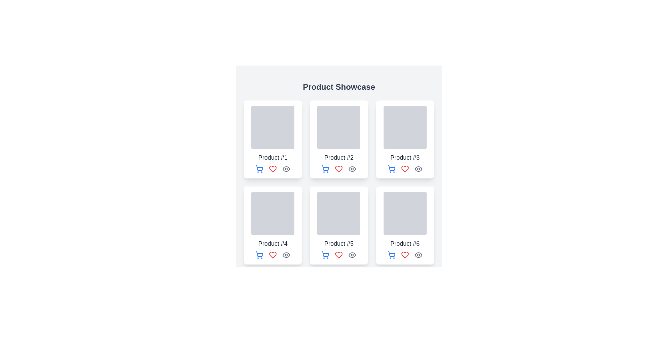 Image resolution: width=646 pixels, height=363 pixels. Describe the element at coordinates (418, 168) in the screenshot. I see `the elliptical eye icon element representing visibility options located to the right of the Add to Favorites icon in the action row for the 'Product #3' card` at that location.